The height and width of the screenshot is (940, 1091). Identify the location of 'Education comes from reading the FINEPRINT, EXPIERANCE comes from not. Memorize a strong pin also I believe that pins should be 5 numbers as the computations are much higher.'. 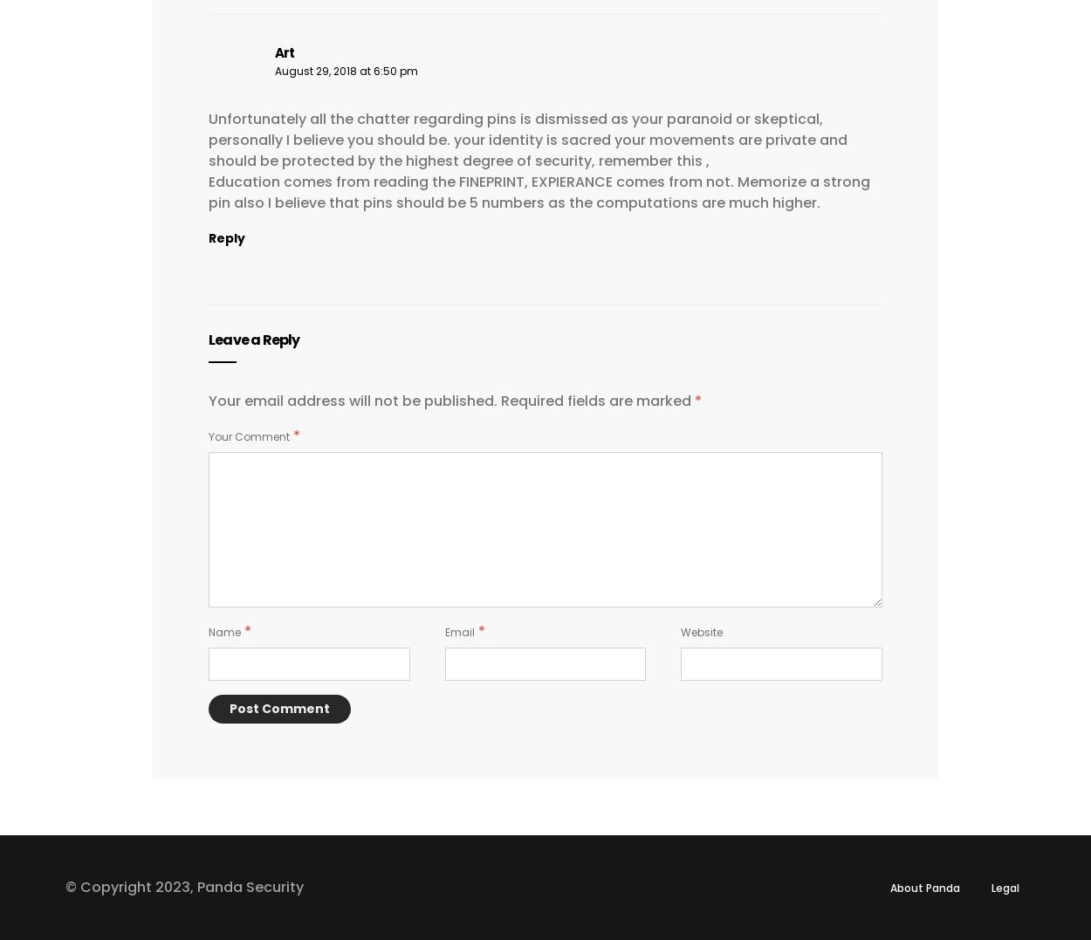
(208, 191).